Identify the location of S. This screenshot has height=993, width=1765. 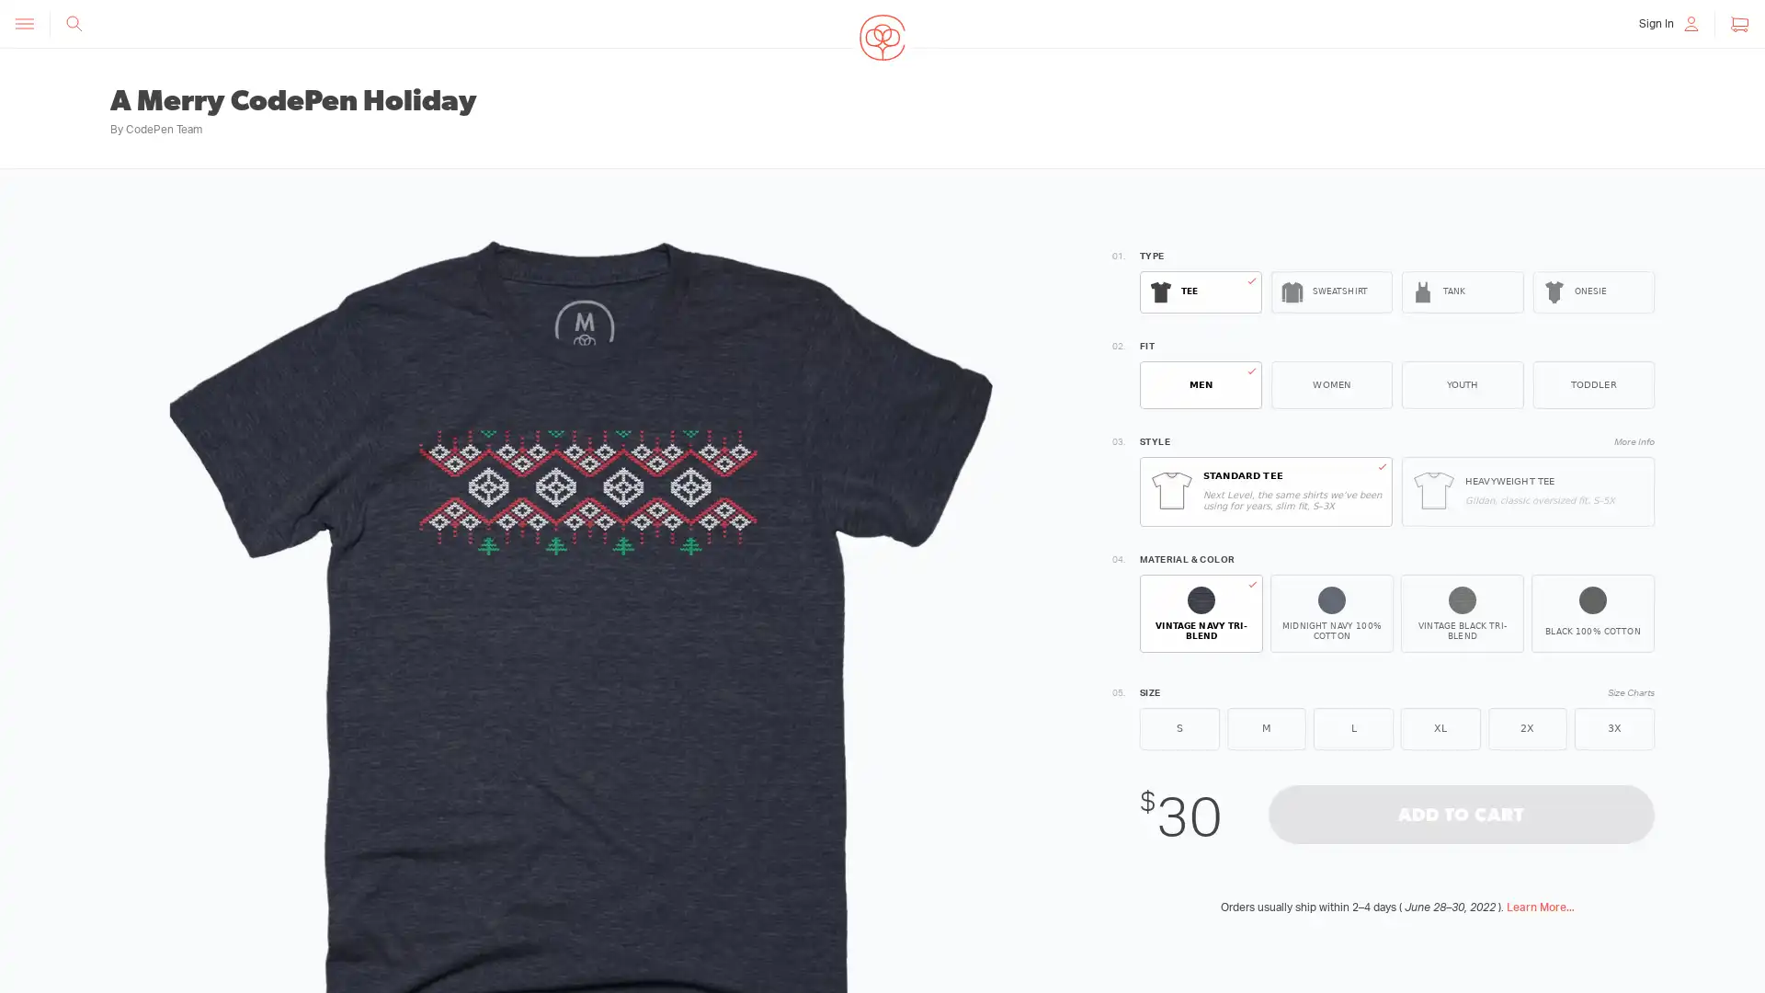
(1179, 726).